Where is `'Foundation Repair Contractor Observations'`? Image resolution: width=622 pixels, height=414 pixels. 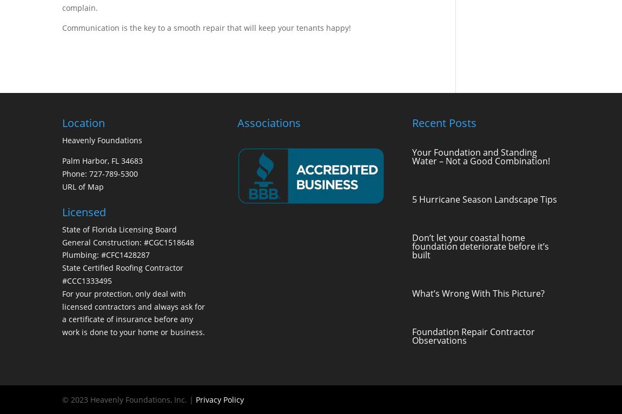 'Foundation Repair Contractor Observations' is located at coordinates (411, 335).